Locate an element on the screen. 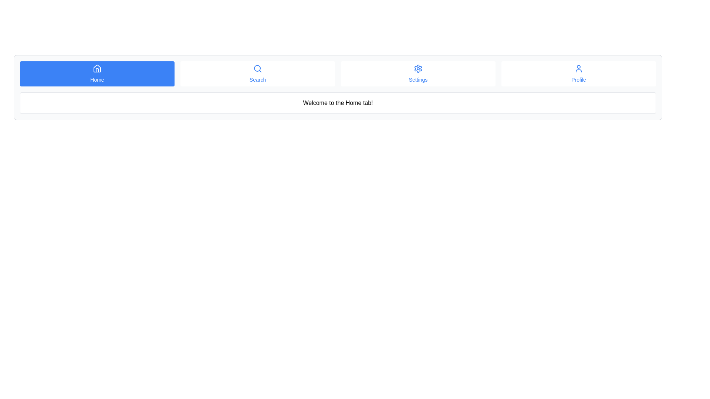 The image size is (710, 399). text content of the Settings menu label, which is the third option in the navigation bar below the gear icon is located at coordinates (418, 80).